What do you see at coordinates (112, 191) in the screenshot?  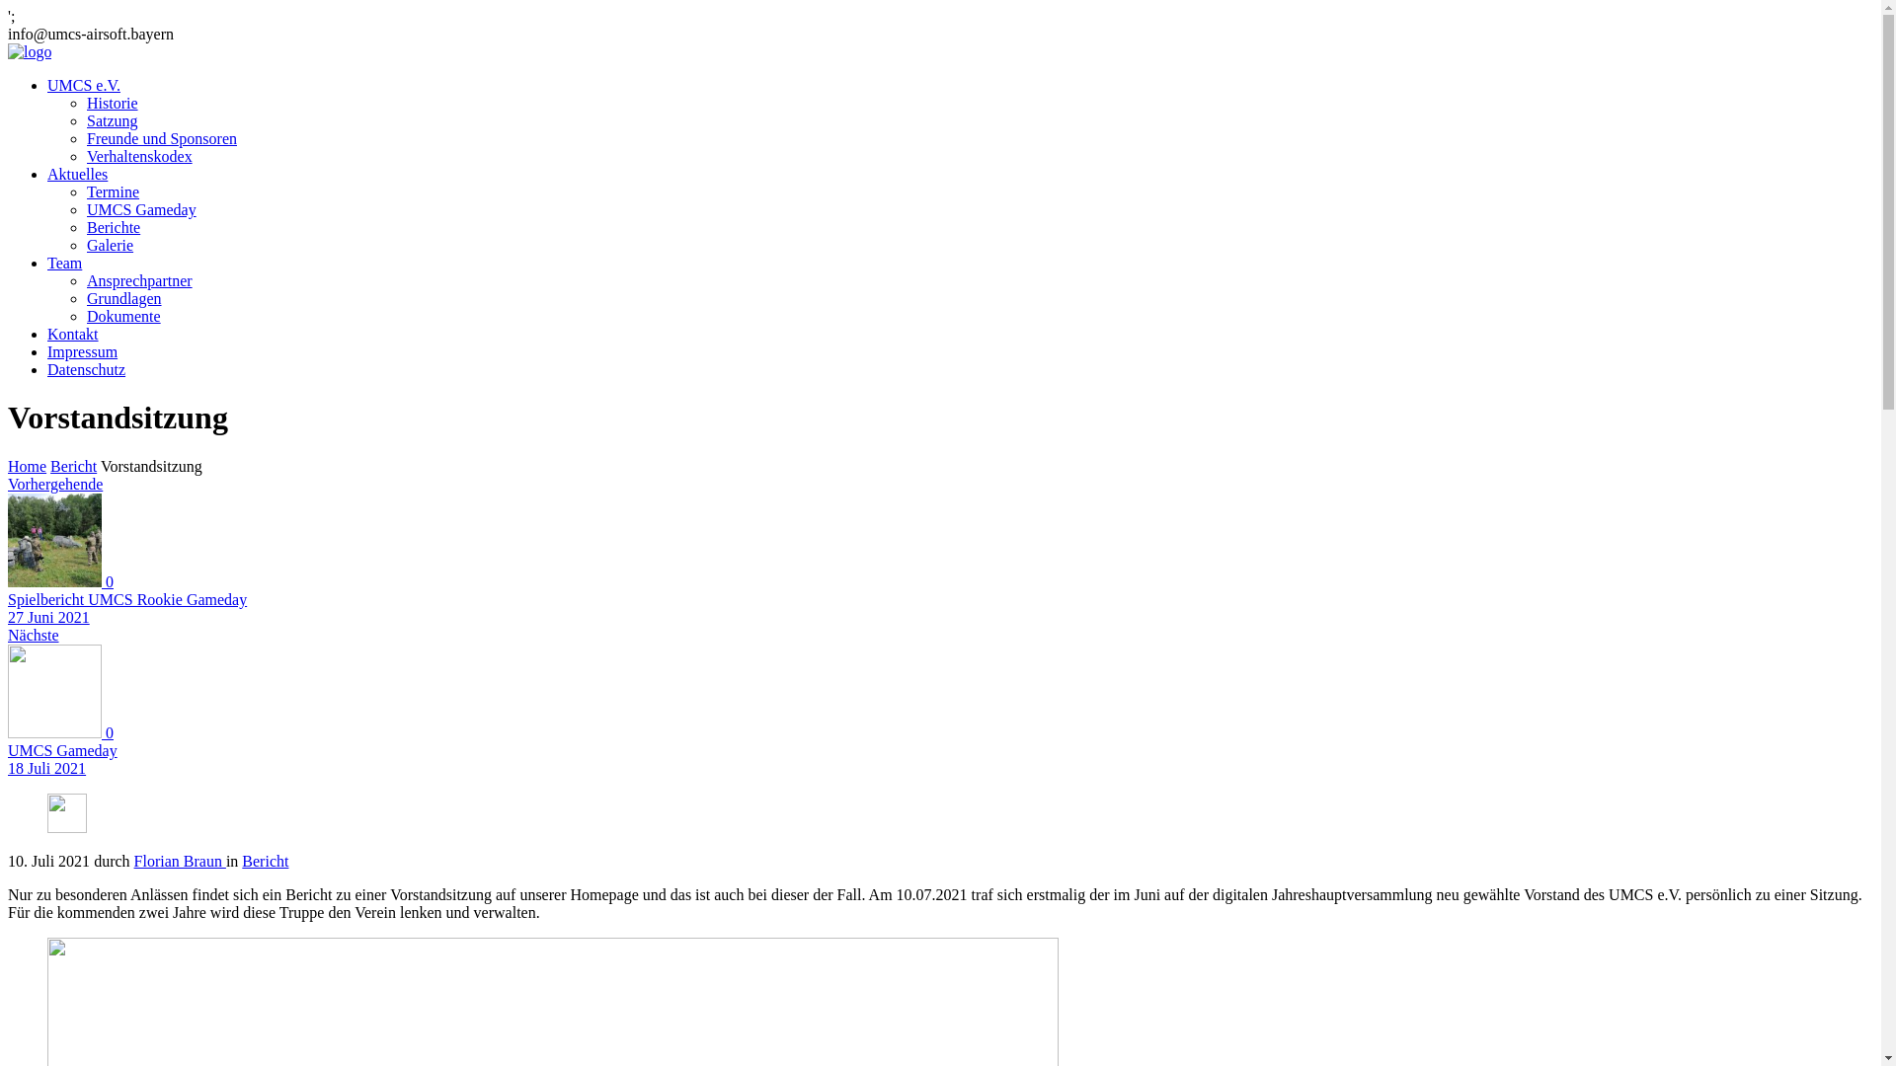 I see `'Termine'` at bounding box center [112, 191].